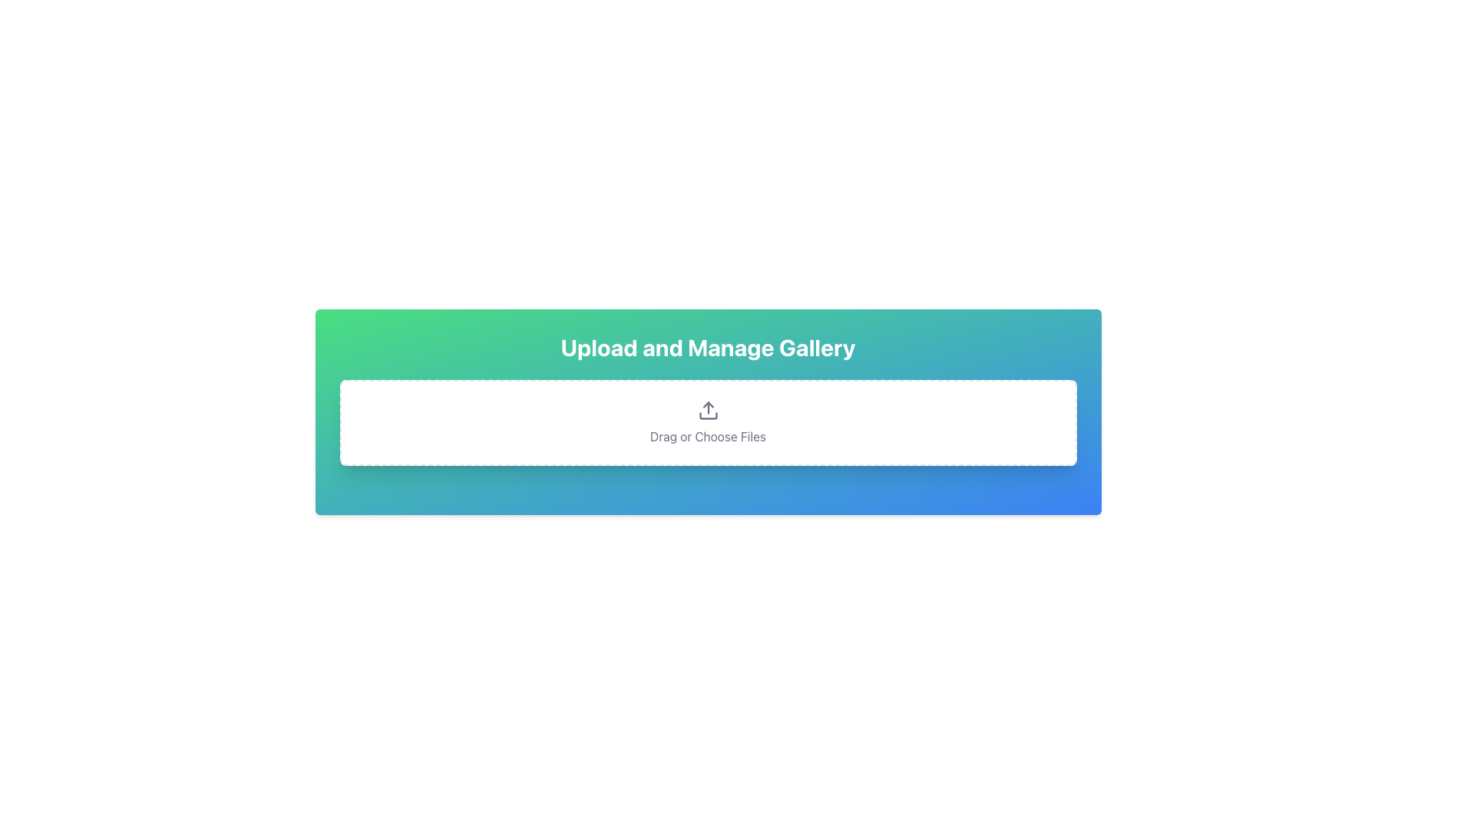 Image resolution: width=1474 pixels, height=829 pixels. Describe the element at coordinates (707, 423) in the screenshot. I see `the transparent file input field labeled 'Drag or Choose Files'` at that location.